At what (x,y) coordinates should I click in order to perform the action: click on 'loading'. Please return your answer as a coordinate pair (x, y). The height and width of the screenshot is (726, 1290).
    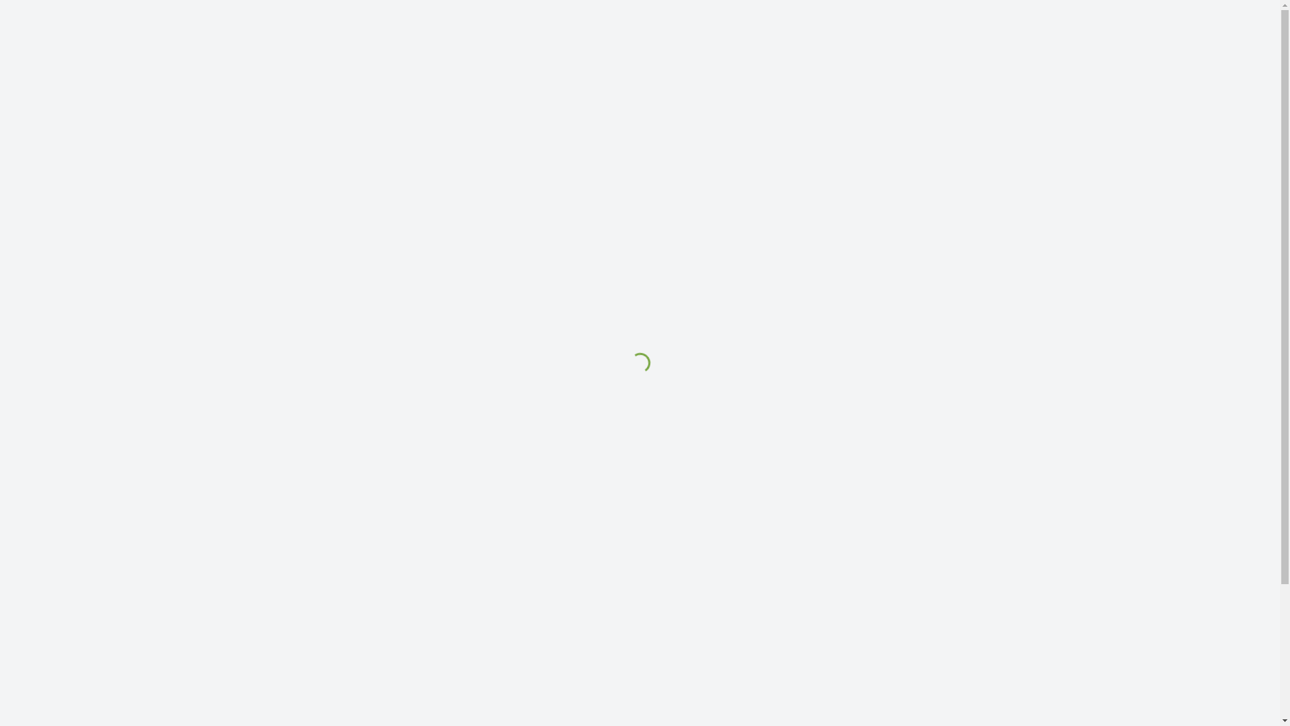
    Looking at the image, I should click on (635, 359).